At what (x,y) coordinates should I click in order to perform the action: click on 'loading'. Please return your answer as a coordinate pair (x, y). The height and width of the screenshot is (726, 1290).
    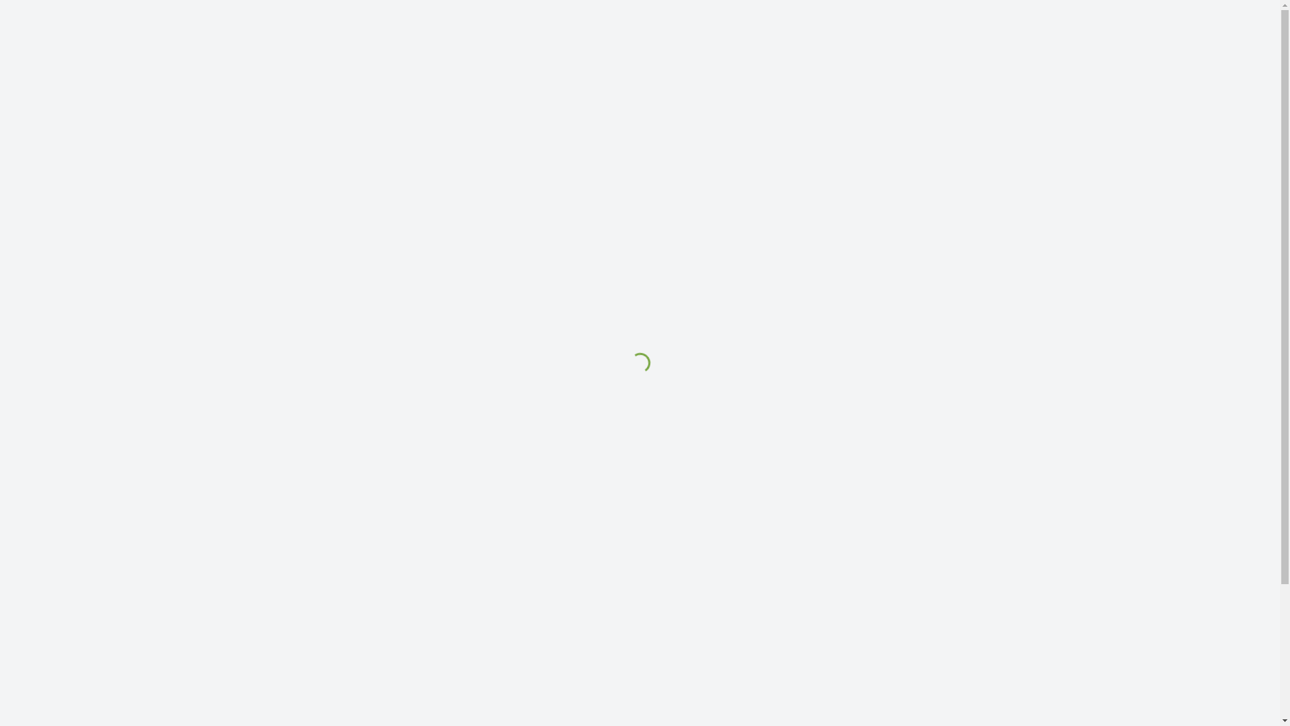
    Looking at the image, I should click on (635, 359).